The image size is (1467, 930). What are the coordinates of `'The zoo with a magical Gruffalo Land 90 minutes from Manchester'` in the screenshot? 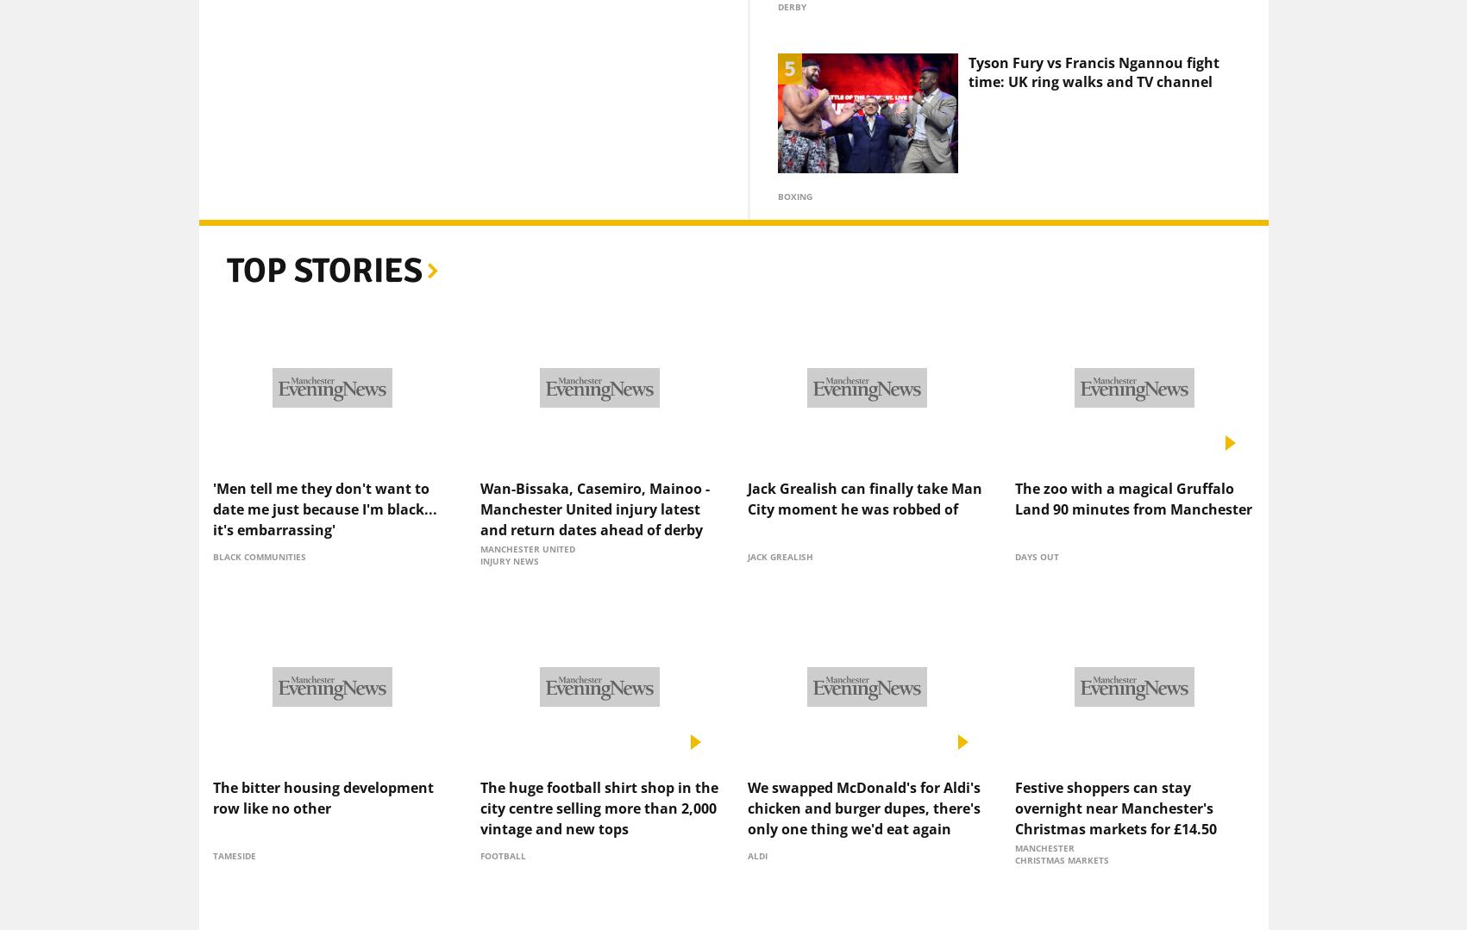 It's located at (1132, 469).